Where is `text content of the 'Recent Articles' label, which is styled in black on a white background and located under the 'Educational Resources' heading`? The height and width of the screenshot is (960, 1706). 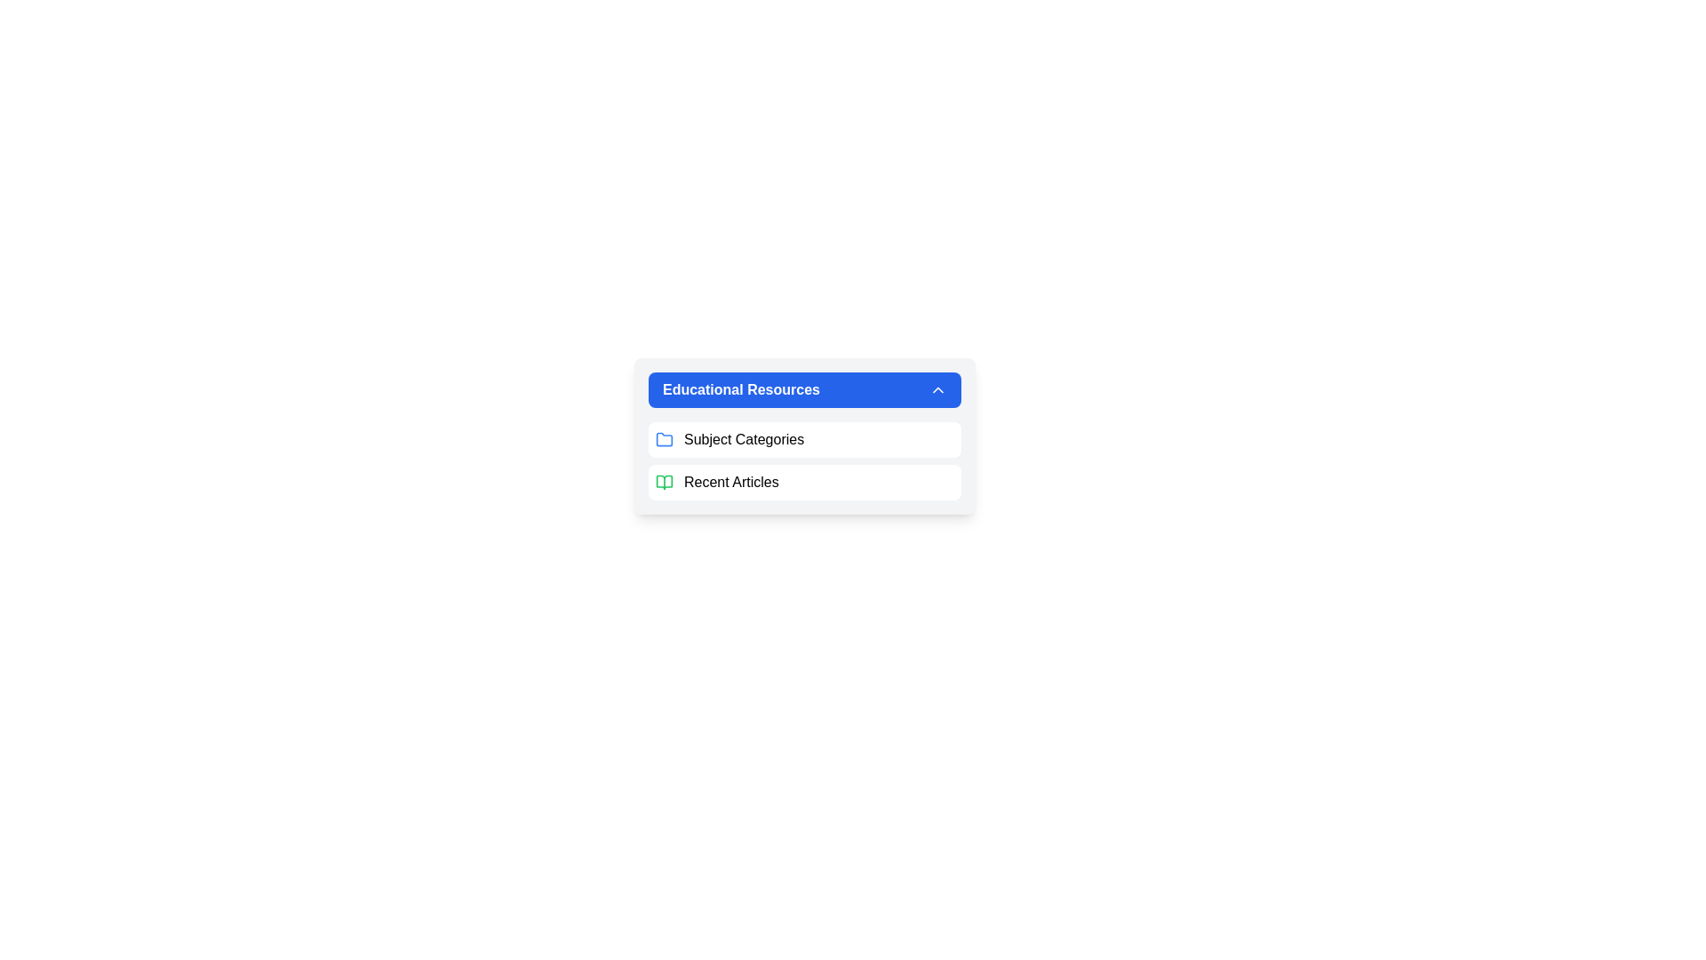
text content of the 'Recent Articles' label, which is styled in black on a white background and located under the 'Educational Resources' heading is located at coordinates (731, 483).